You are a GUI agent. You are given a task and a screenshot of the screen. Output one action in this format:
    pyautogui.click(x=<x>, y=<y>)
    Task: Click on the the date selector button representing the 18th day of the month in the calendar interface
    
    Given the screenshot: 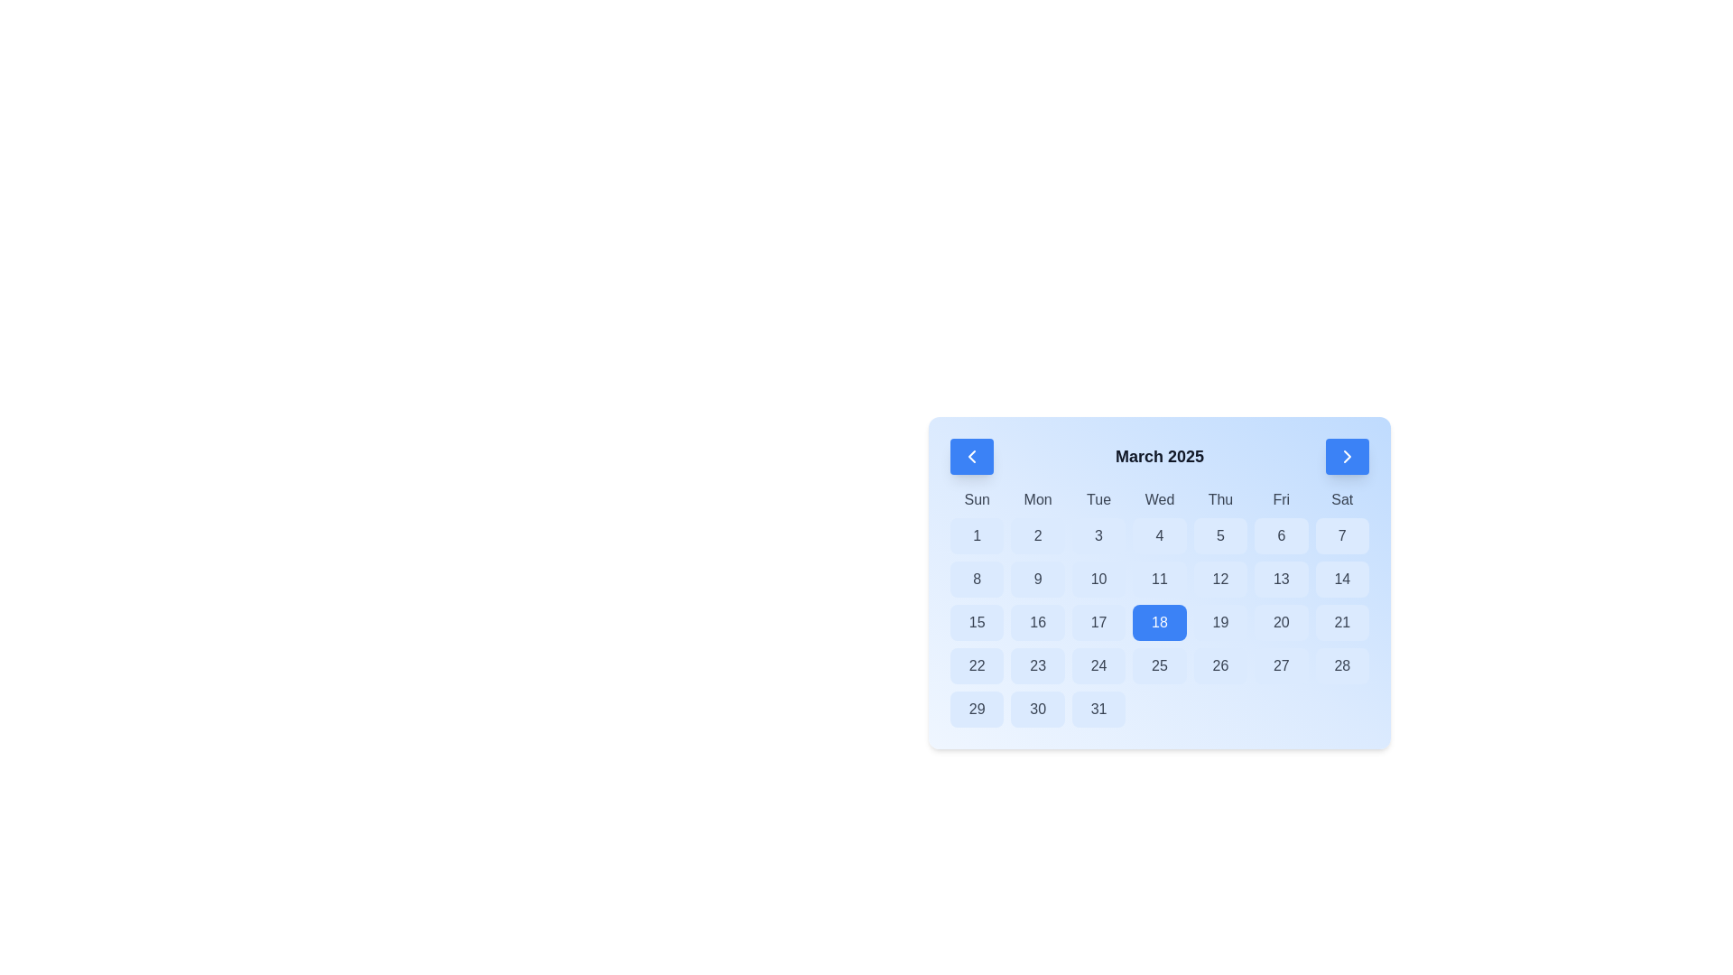 What is the action you would take?
    pyautogui.click(x=1160, y=622)
    